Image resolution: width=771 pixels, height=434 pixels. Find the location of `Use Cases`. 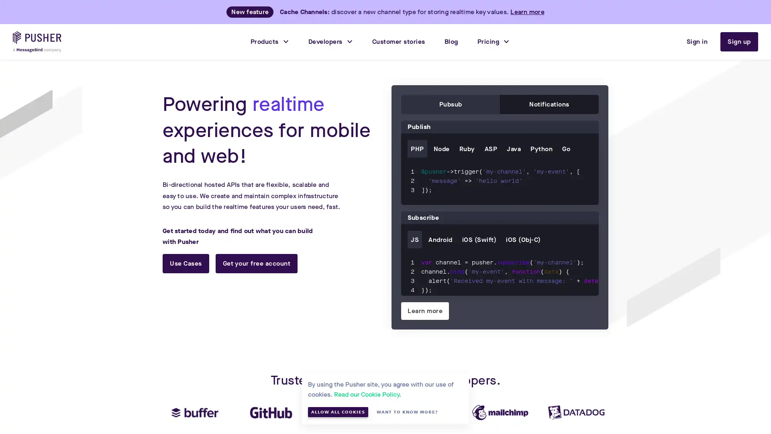

Use Cases is located at coordinates (185, 263).